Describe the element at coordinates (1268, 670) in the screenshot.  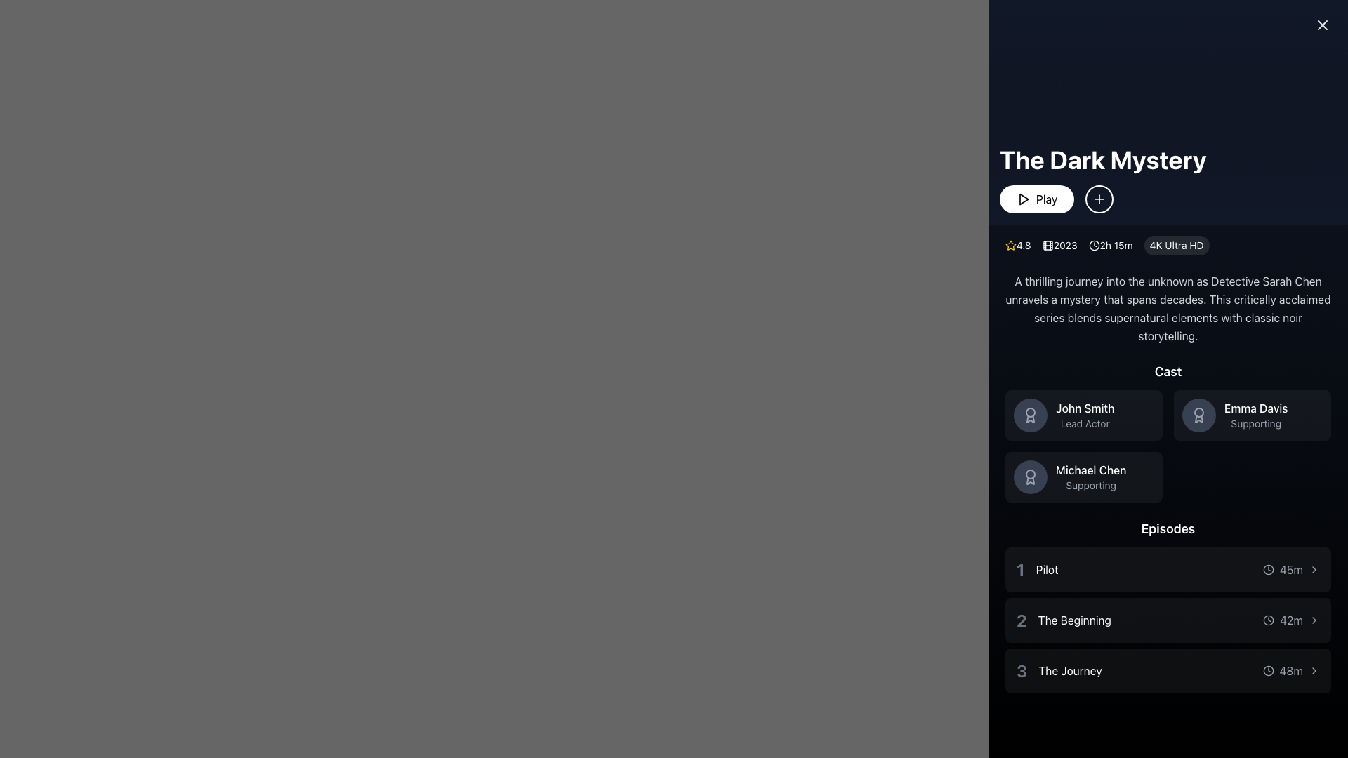
I see `the clock icon representing the duration of the episode 'The Journey', which is located to the left of the text '48m'` at that location.